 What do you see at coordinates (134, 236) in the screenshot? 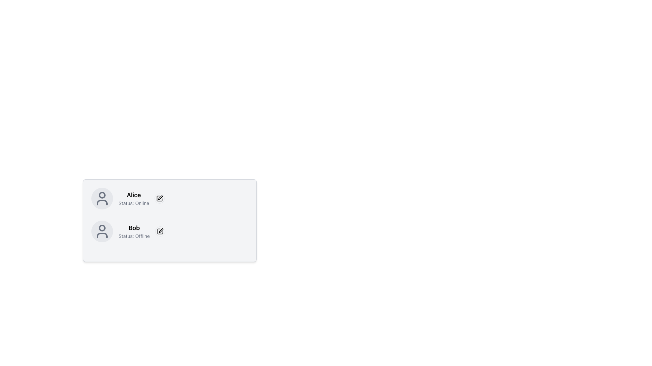
I see `text label displaying 'Status: Offline' located below the name 'Bob' within the profile card` at bounding box center [134, 236].